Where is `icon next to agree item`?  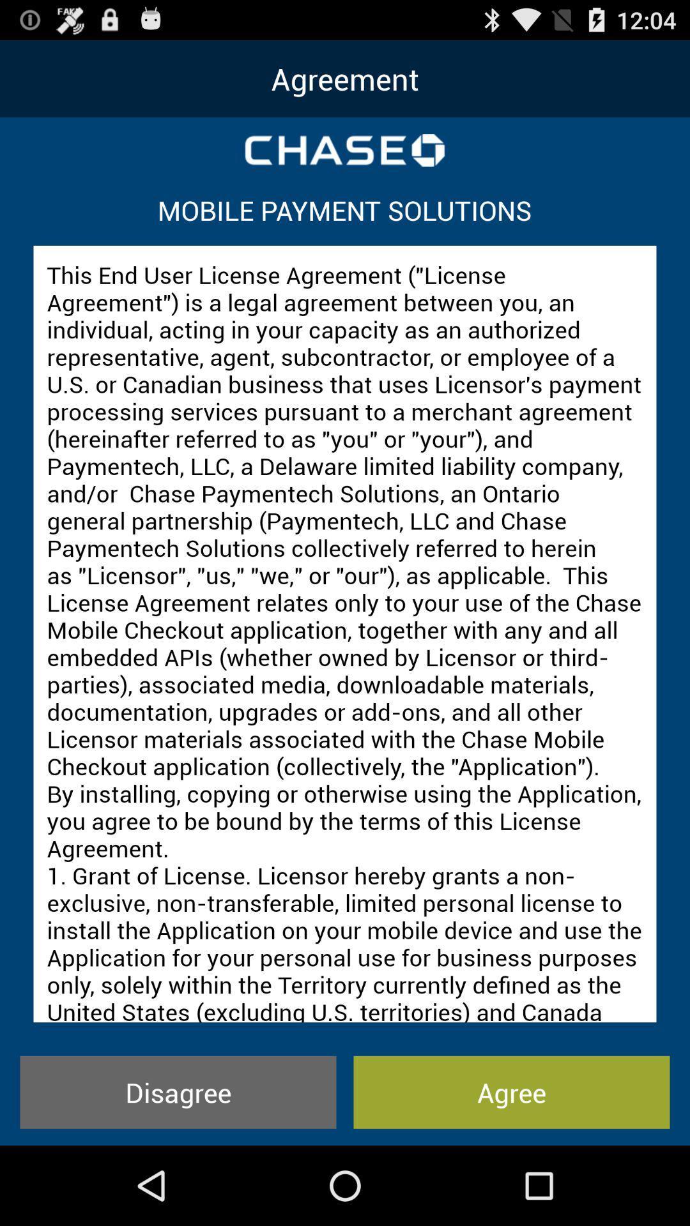 icon next to agree item is located at coordinates (178, 1091).